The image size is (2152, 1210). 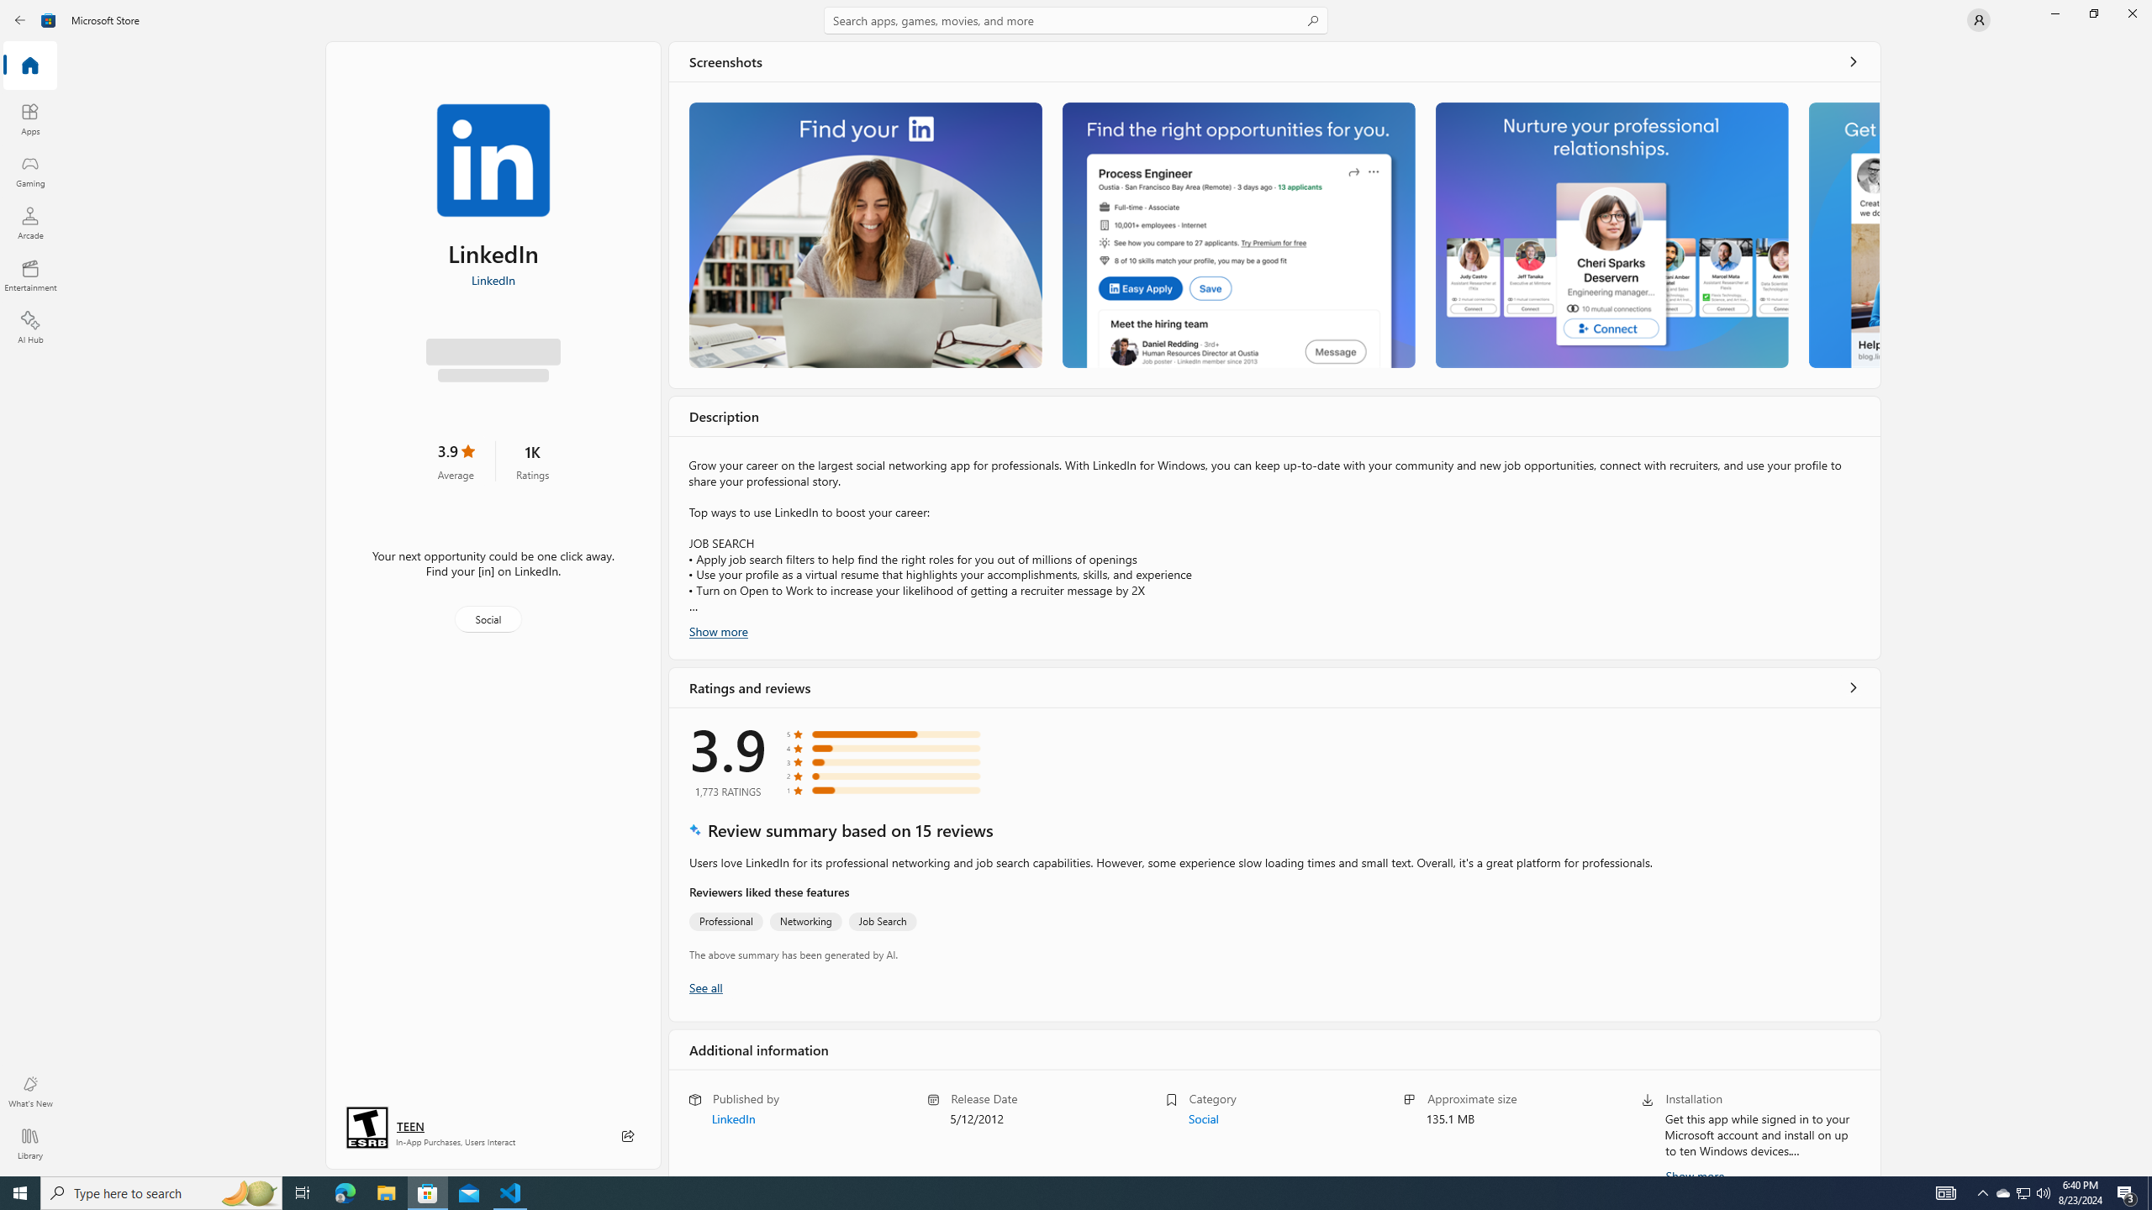 What do you see at coordinates (29, 170) in the screenshot?
I see `'Gaming'` at bounding box center [29, 170].